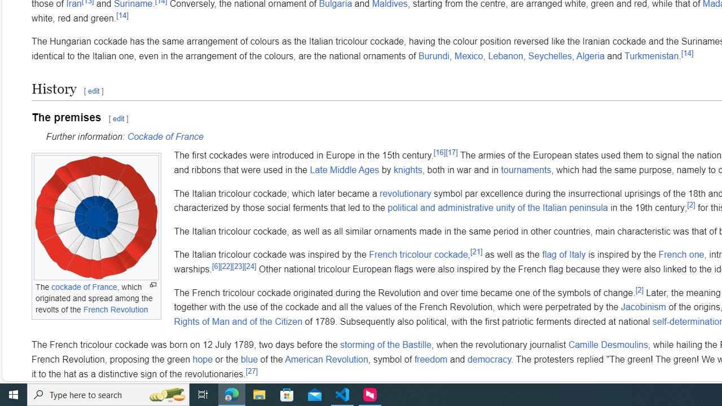  I want to click on 'freedom', so click(430, 359).